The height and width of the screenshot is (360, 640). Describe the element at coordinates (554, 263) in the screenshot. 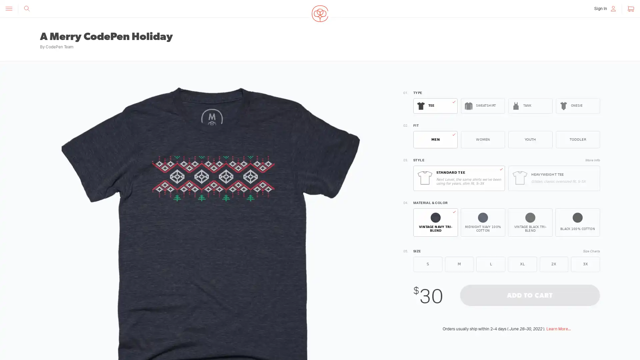

I see `2X` at that location.